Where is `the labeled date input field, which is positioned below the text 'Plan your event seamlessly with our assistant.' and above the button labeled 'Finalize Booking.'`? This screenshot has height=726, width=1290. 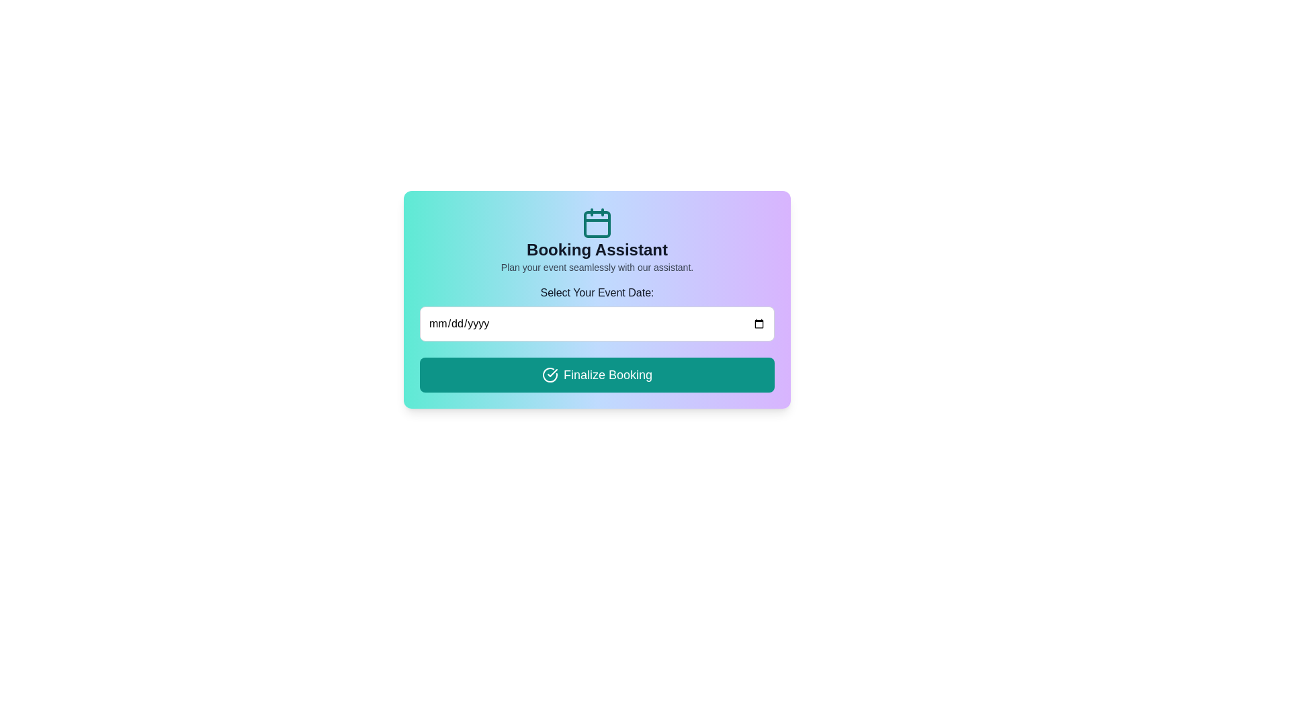
the labeled date input field, which is positioned below the text 'Plan your event seamlessly with our assistant.' and above the button labeled 'Finalize Booking.' is located at coordinates (596, 313).